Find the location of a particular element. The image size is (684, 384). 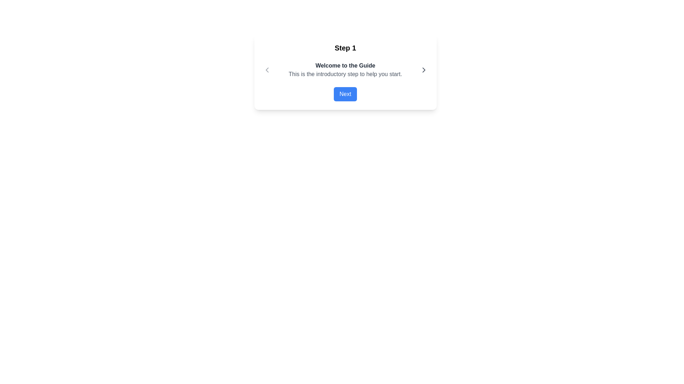

the right chevron icon button, which indicates moving to the next step in the guide is located at coordinates (424, 70).